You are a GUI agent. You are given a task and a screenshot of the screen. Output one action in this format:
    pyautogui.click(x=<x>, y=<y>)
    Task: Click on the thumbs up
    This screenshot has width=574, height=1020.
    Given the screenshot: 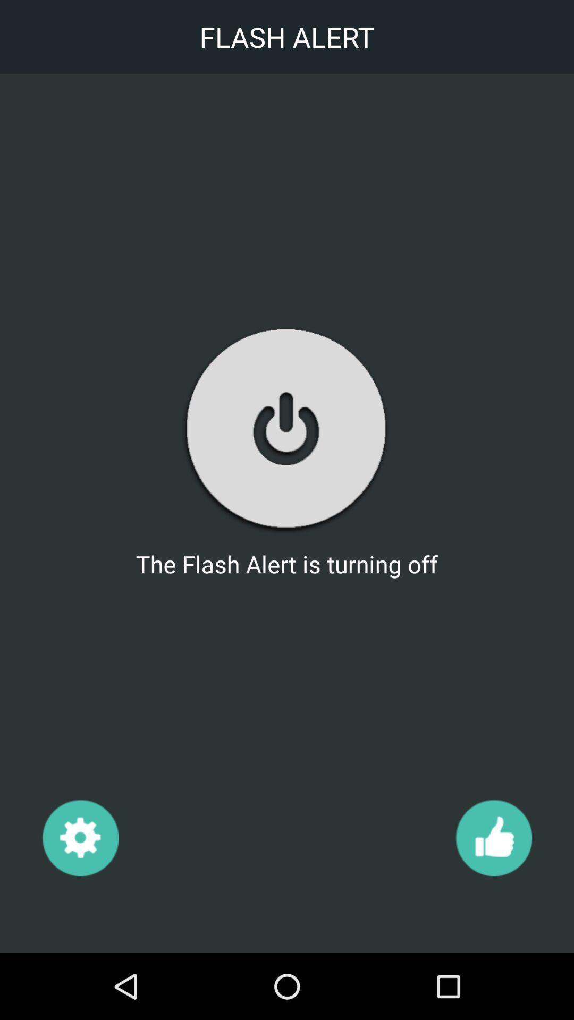 What is the action you would take?
    pyautogui.click(x=493, y=837)
    